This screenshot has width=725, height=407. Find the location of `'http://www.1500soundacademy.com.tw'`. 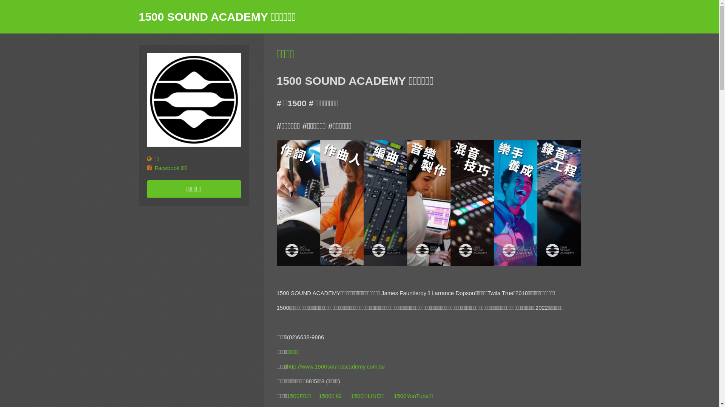

'http://www.1500soundacademy.com.tw' is located at coordinates (335, 366).